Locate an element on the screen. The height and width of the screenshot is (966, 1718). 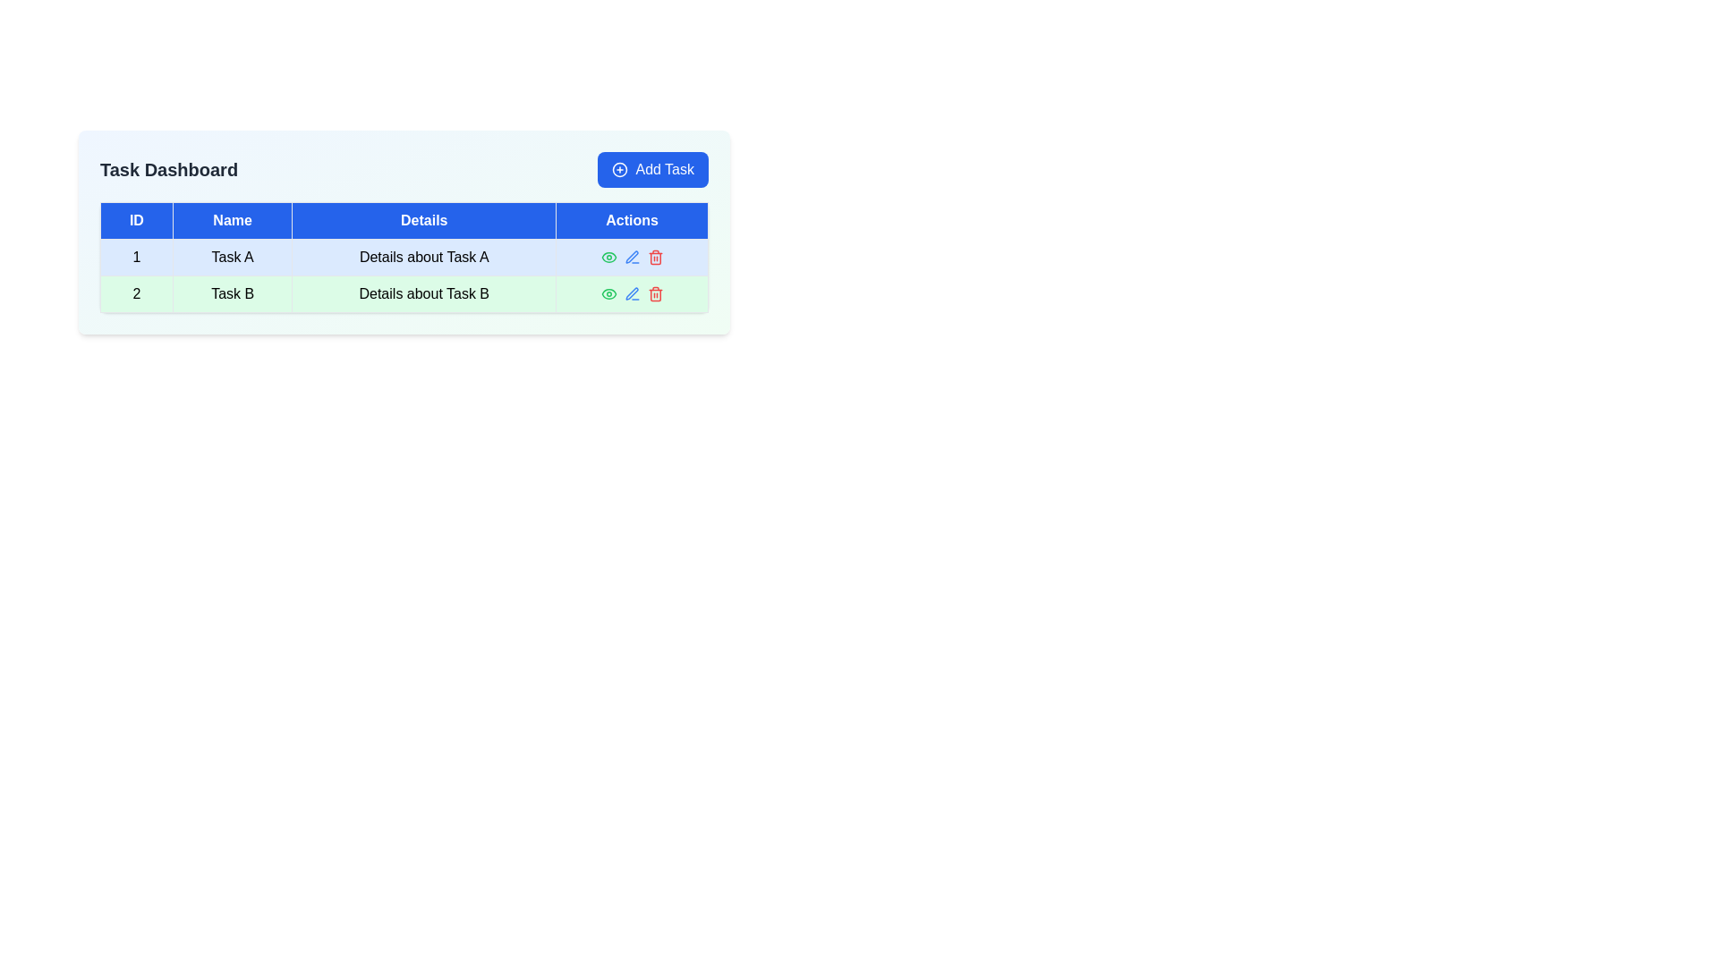
the delete icon button located in the 'Actions' column of the table for 'Task A' is located at coordinates (654, 258).